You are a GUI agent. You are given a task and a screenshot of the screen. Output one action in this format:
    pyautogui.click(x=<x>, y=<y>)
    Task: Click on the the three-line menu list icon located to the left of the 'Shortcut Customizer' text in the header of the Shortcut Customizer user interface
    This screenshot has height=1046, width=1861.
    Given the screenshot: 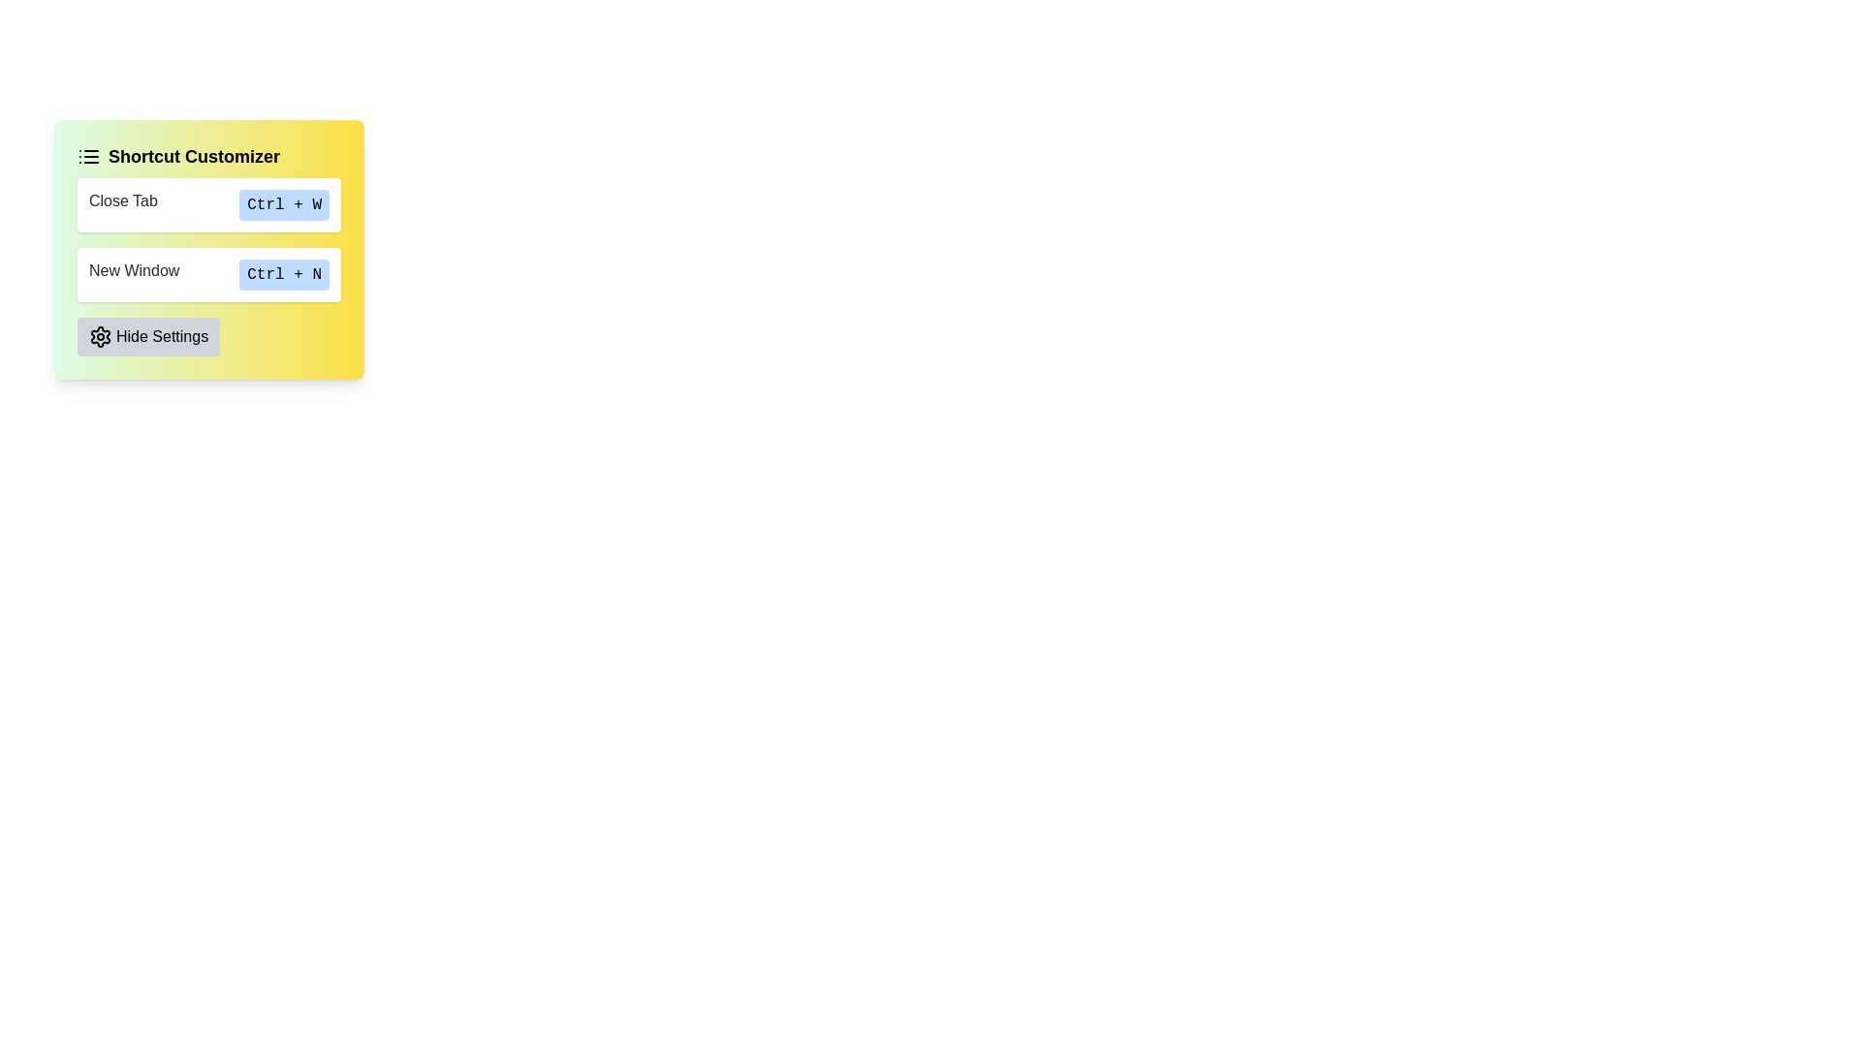 What is the action you would take?
    pyautogui.click(x=87, y=156)
    